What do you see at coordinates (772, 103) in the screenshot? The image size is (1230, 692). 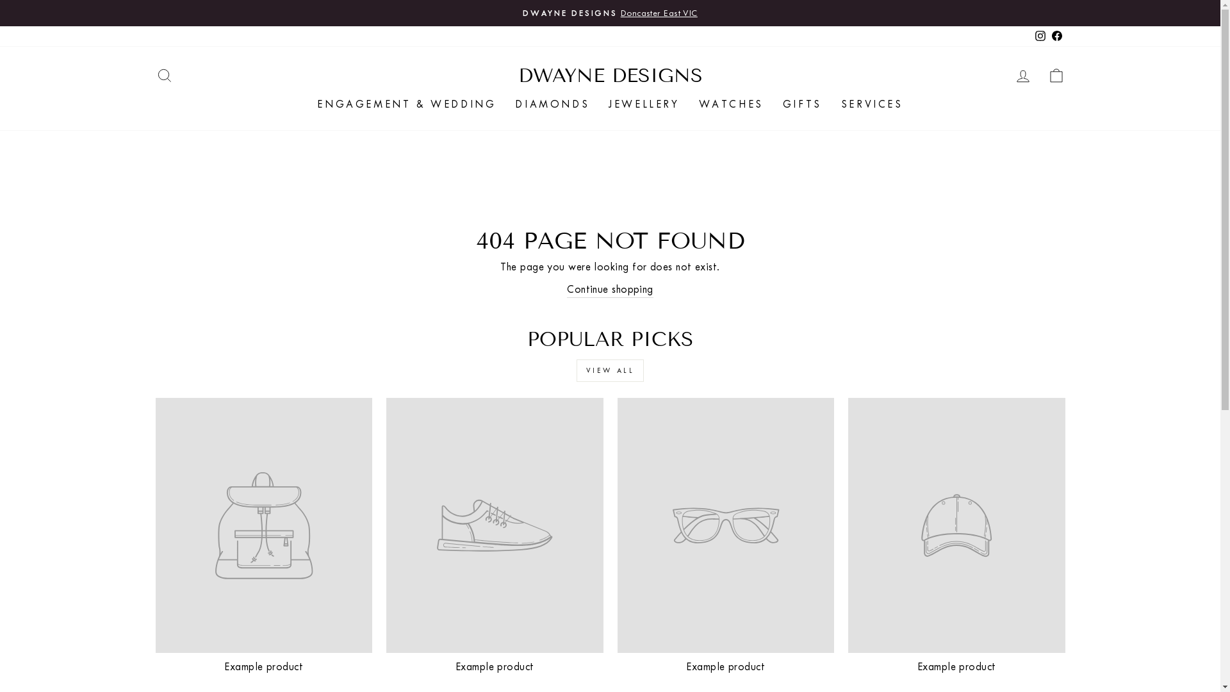 I see `'GIFTS'` at bounding box center [772, 103].